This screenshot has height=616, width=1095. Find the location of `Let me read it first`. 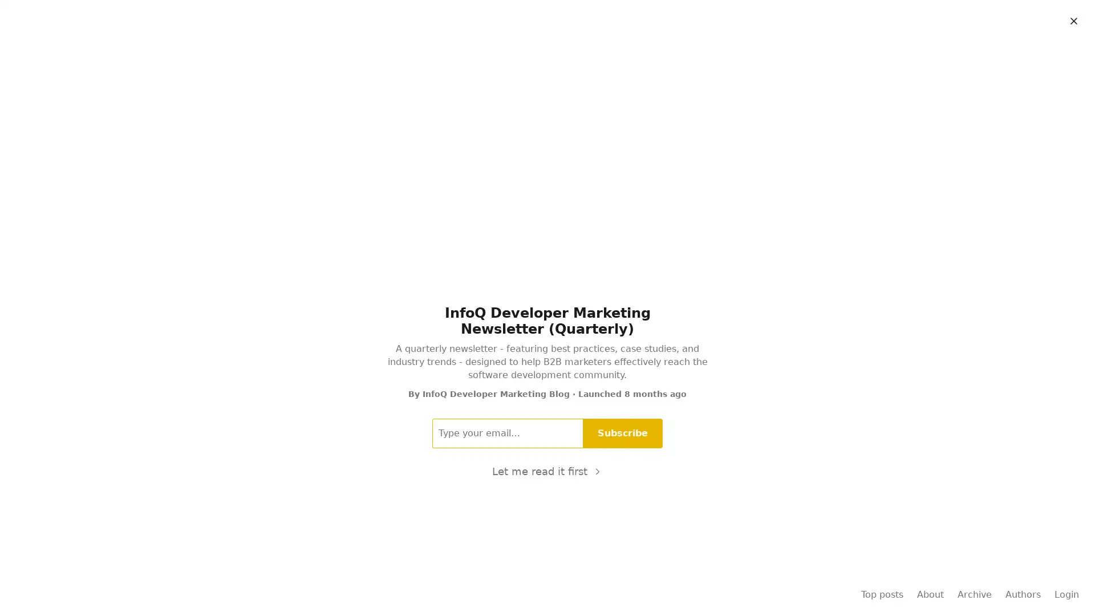

Let me read it first is located at coordinates (546, 471).